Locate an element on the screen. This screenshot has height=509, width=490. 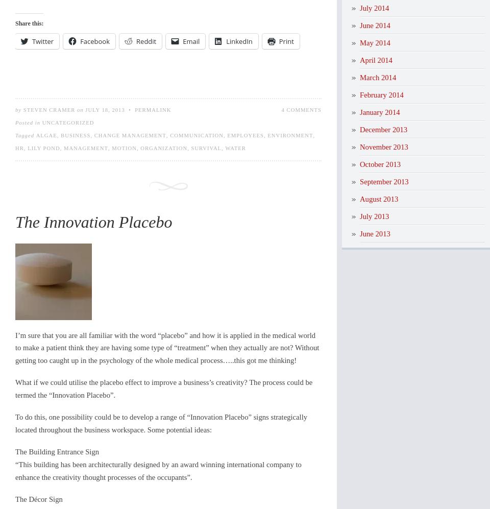
'The Décor Sign' is located at coordinates (39, 498).